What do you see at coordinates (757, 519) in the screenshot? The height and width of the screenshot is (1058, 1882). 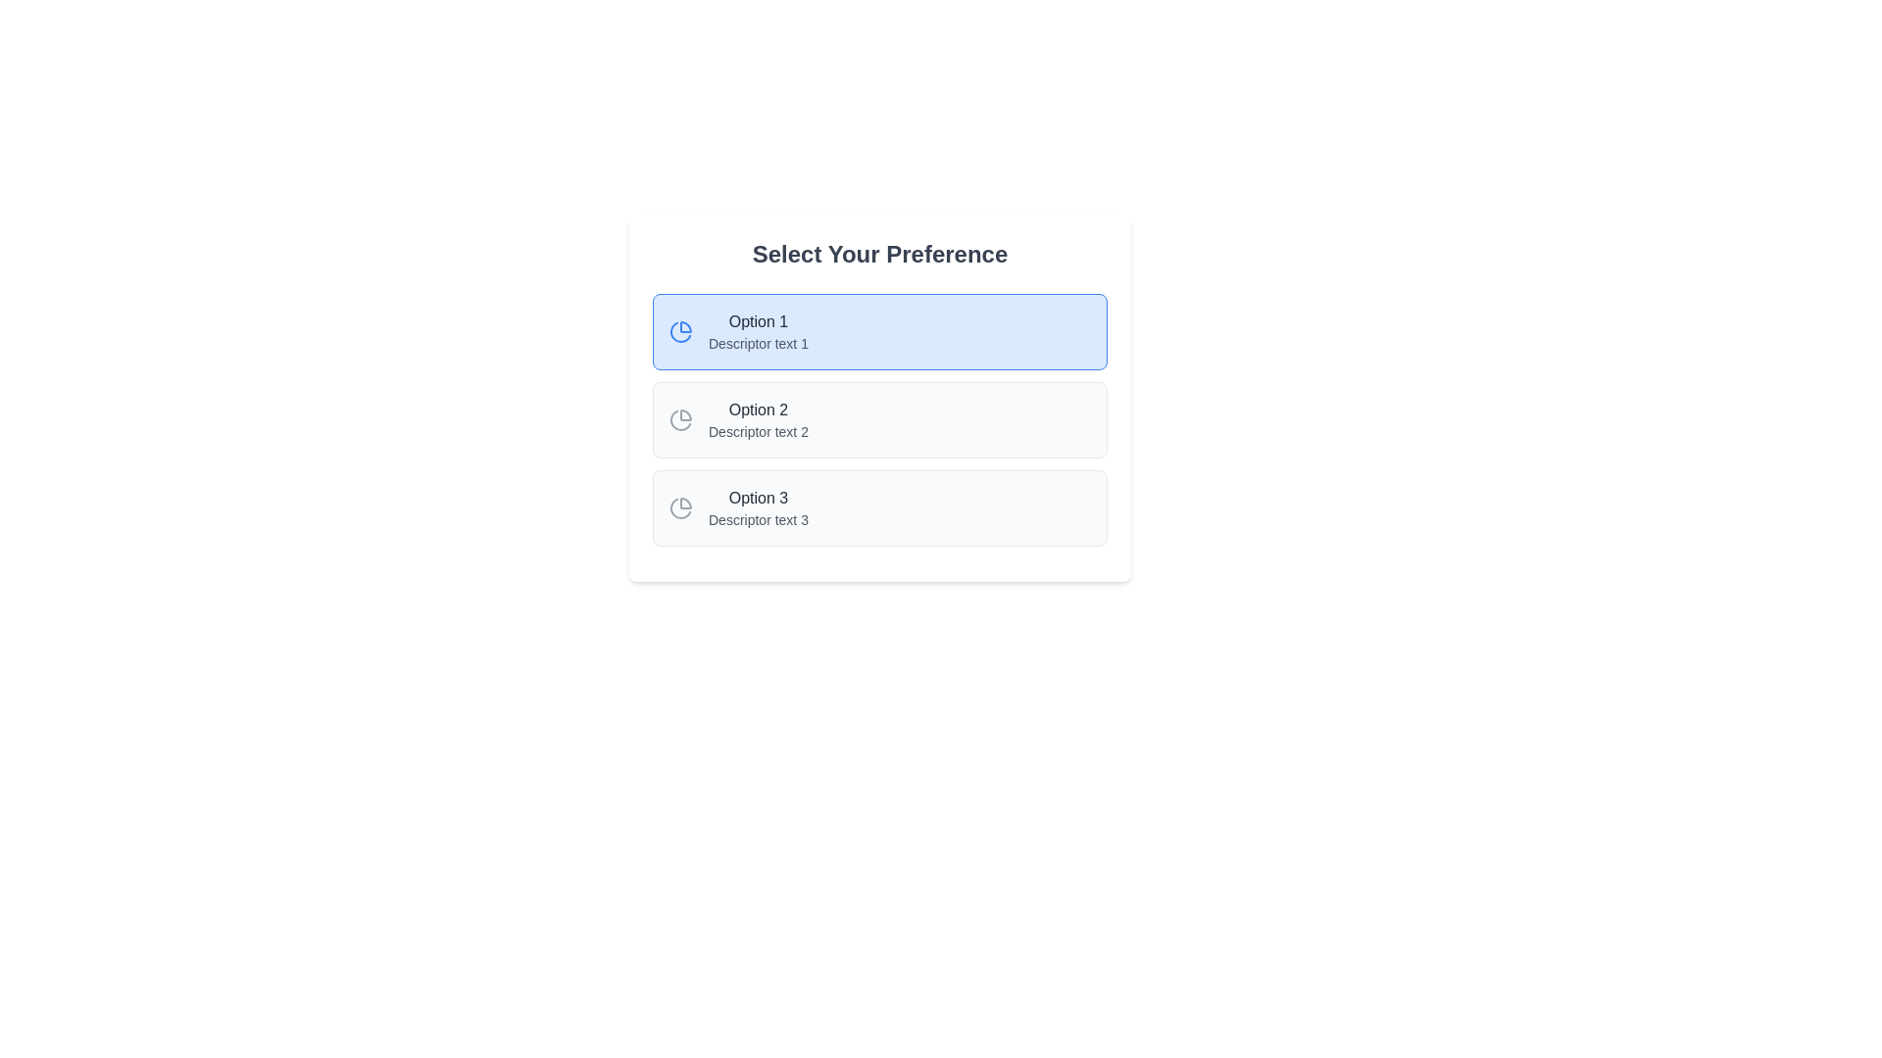 I see `the supplementary information text label that describes 'Option 3', which is located directly below the bold 'Option 3' text and aligned horizontally with it` at bounding box center [757, 519].